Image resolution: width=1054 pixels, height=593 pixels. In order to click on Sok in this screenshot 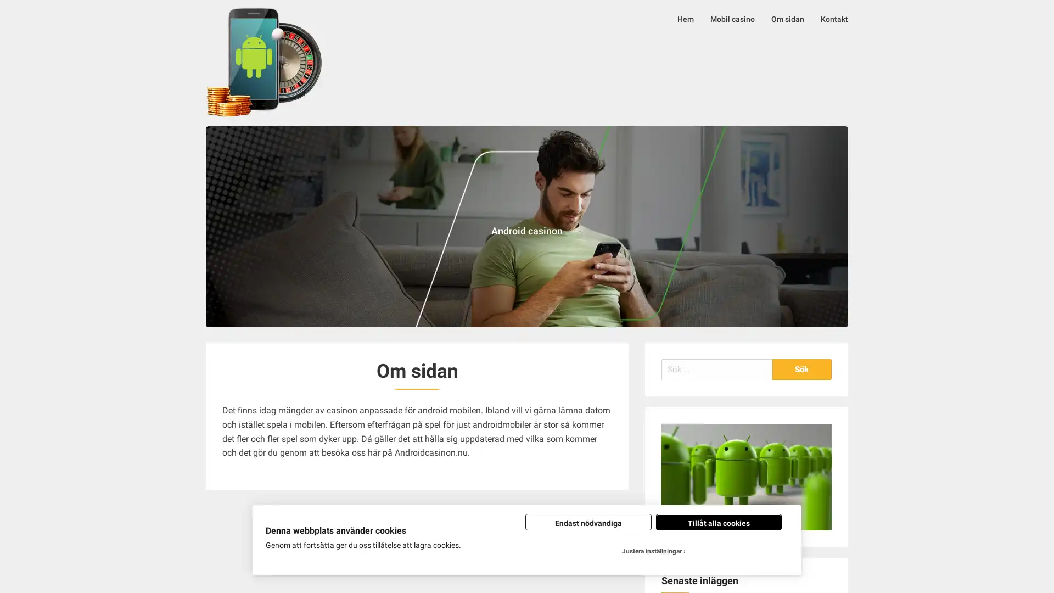, I will do `click(801, 369)`.